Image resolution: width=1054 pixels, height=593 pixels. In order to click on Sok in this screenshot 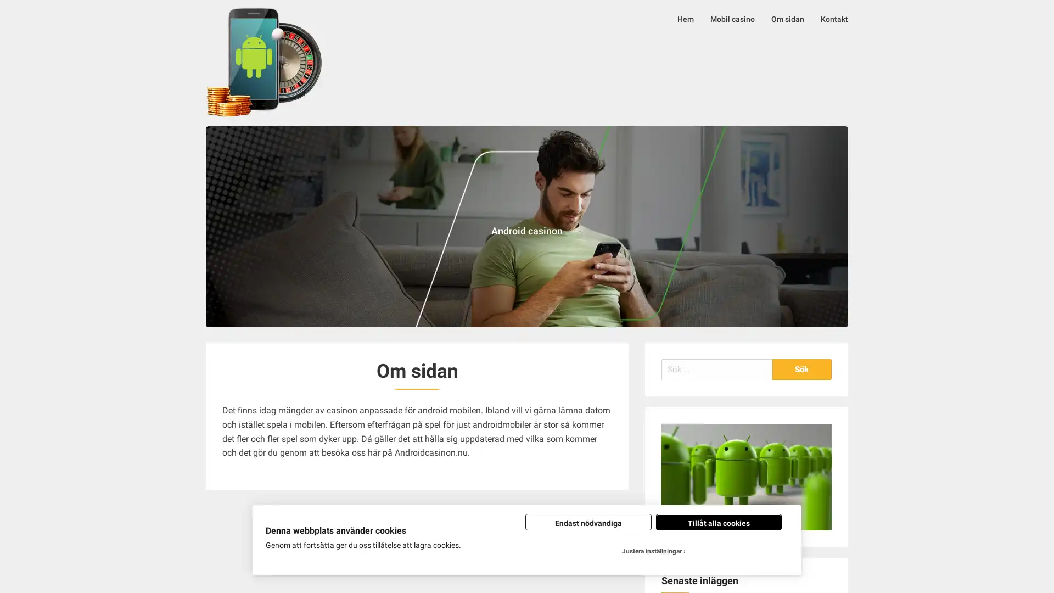, I will do `click(801, 369)`.